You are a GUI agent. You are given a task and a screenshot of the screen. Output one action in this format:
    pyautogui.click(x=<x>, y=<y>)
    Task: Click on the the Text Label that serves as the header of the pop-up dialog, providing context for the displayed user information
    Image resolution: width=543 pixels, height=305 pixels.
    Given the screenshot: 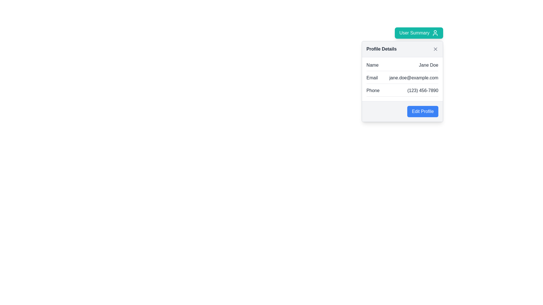 What is the action you would take?
    pyautogui.click(x=382, y=49)
    